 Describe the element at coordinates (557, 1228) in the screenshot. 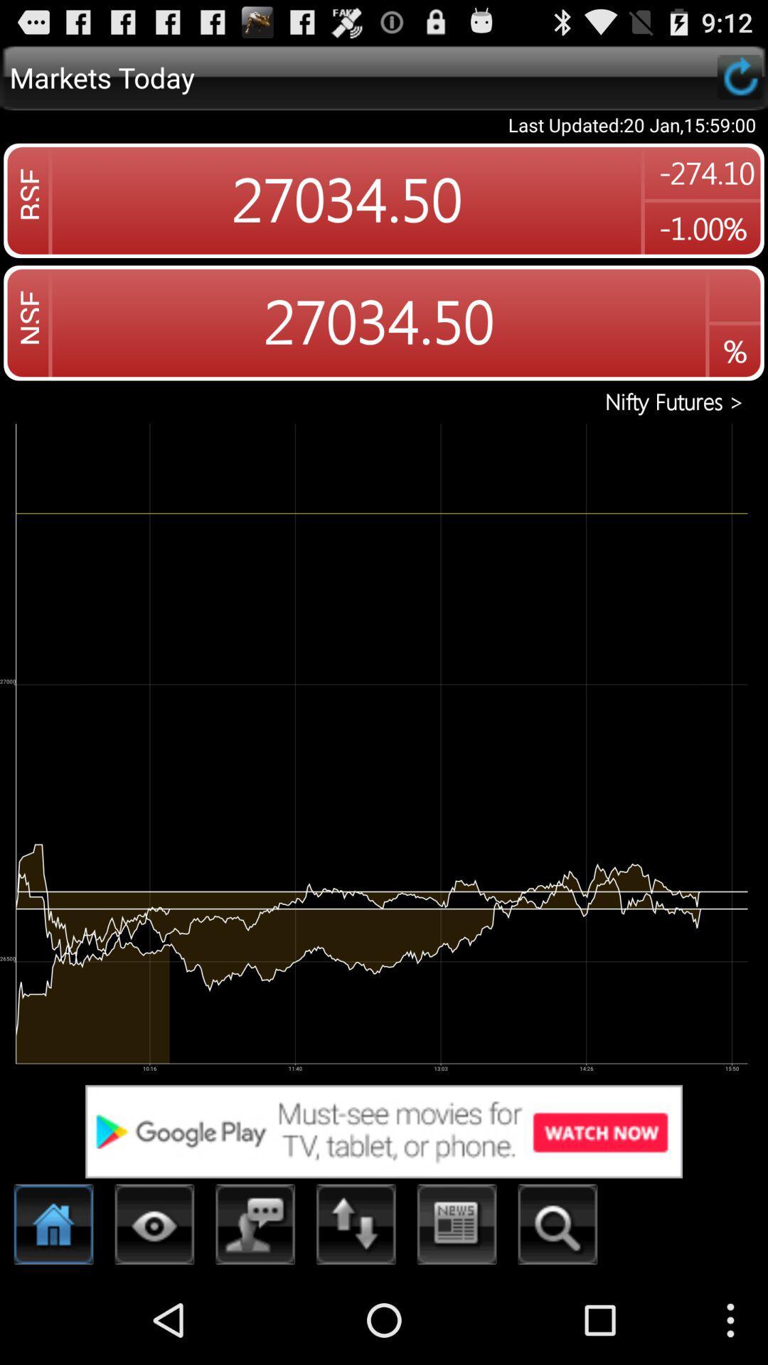

I see `search` at that location.